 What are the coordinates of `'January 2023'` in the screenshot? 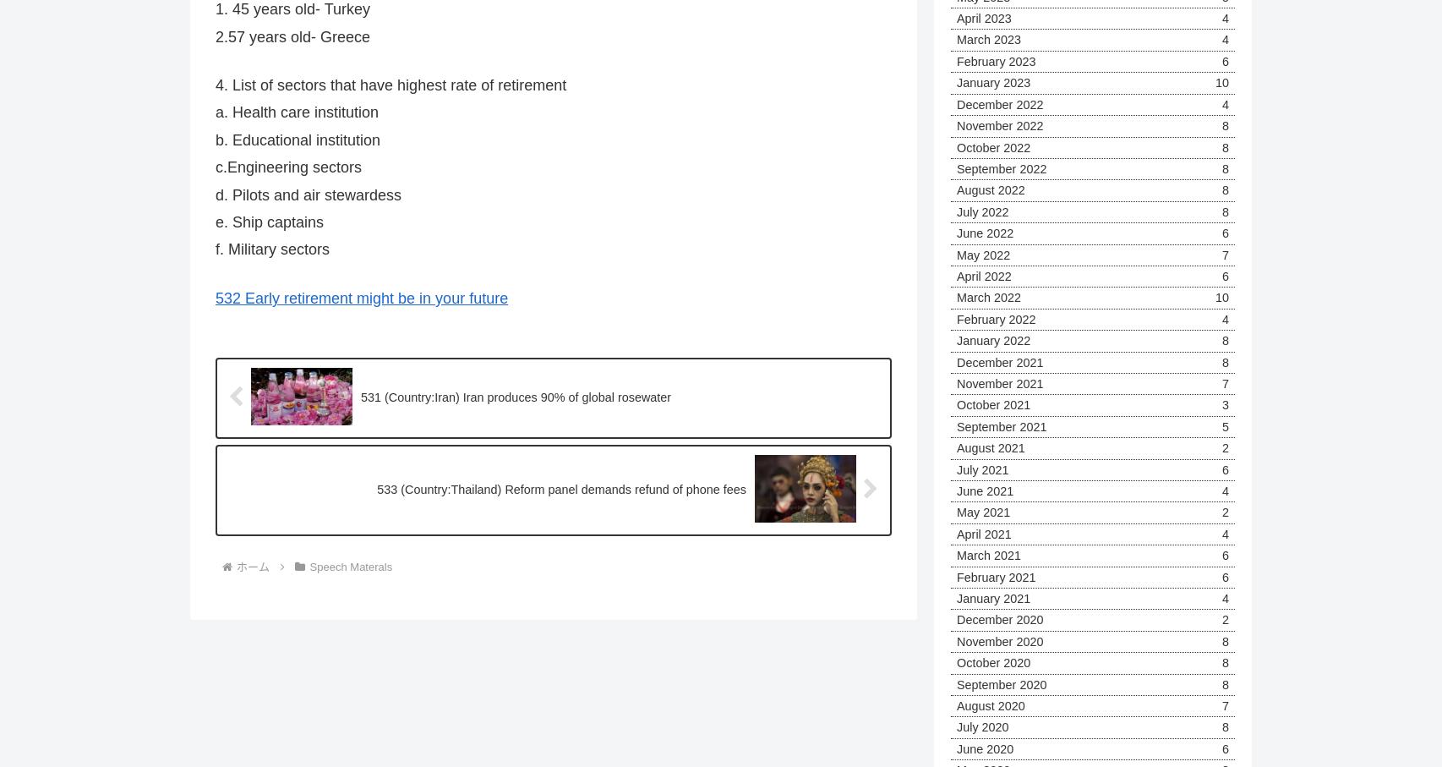 It's located at (993, 81).